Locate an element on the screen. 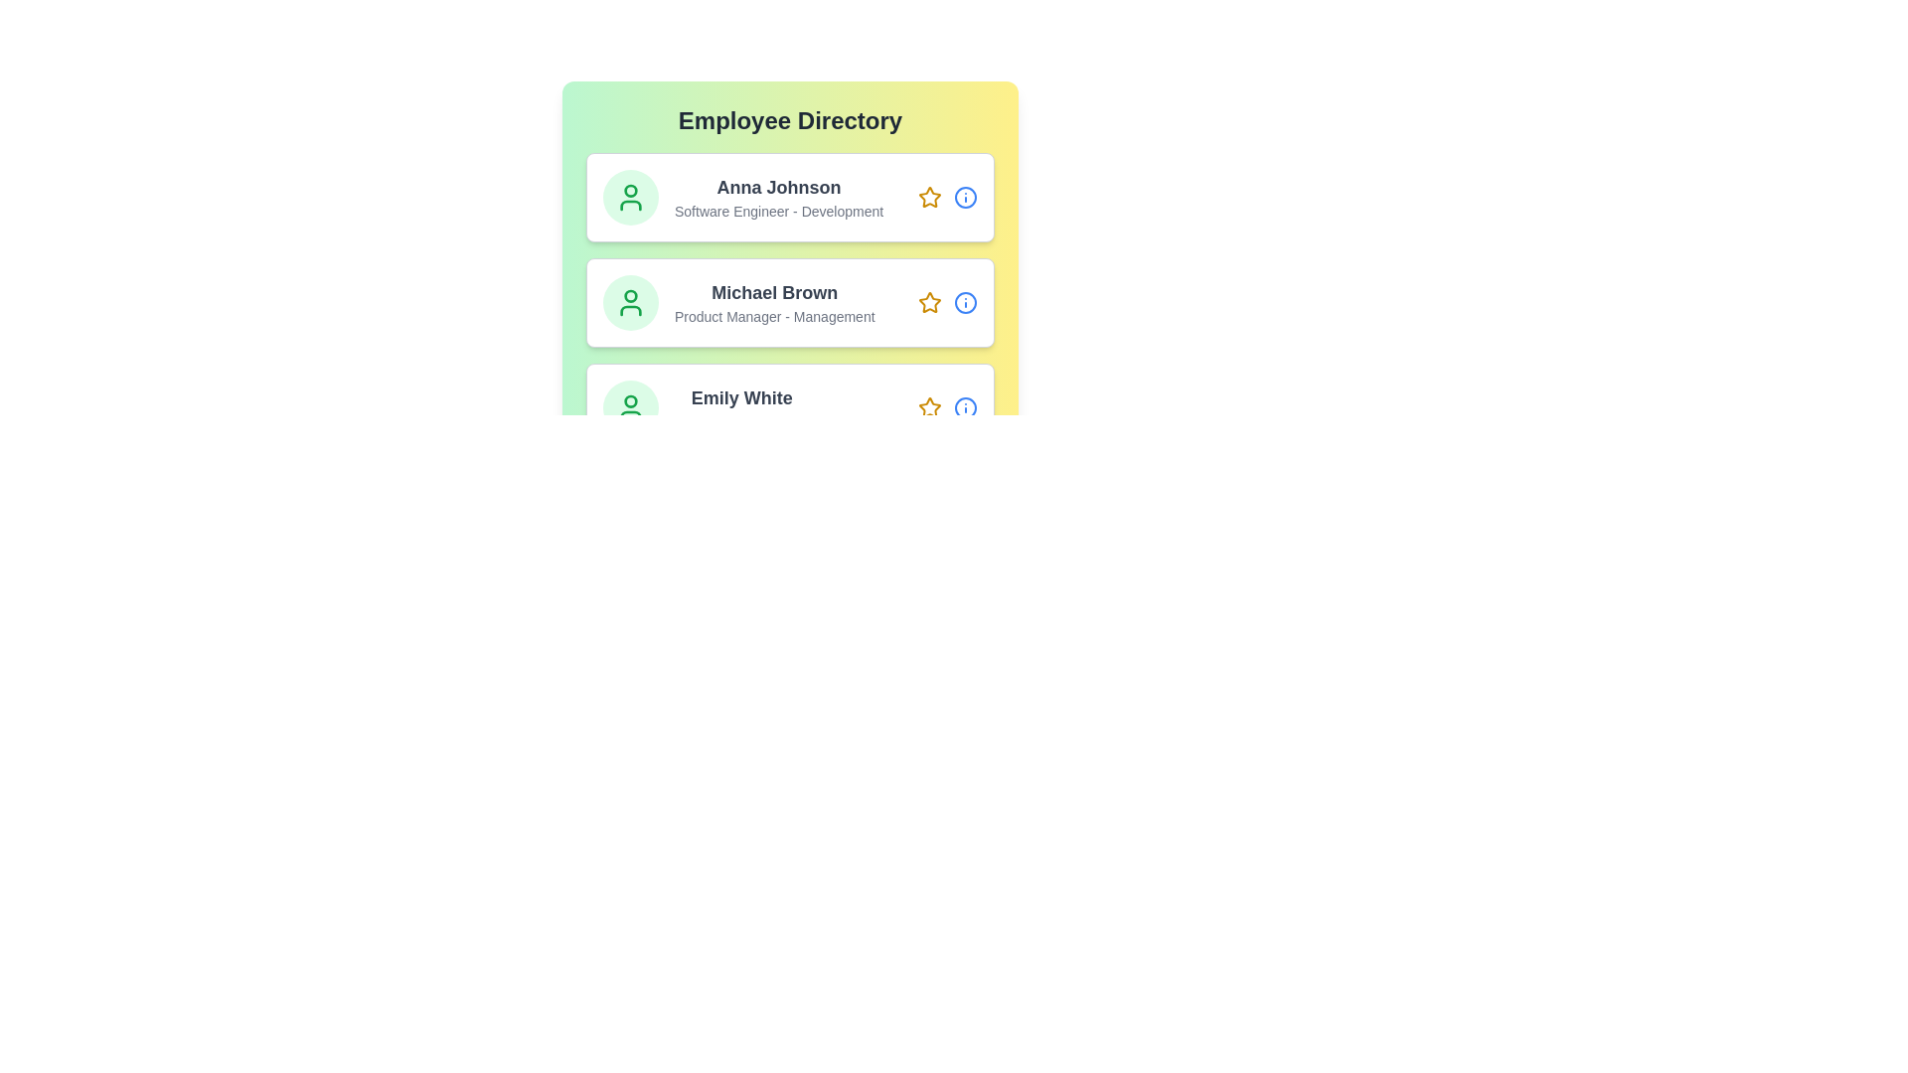 The image size is (1908, 1073). star icon for Michael Brown is located at coordinates (929, 302).